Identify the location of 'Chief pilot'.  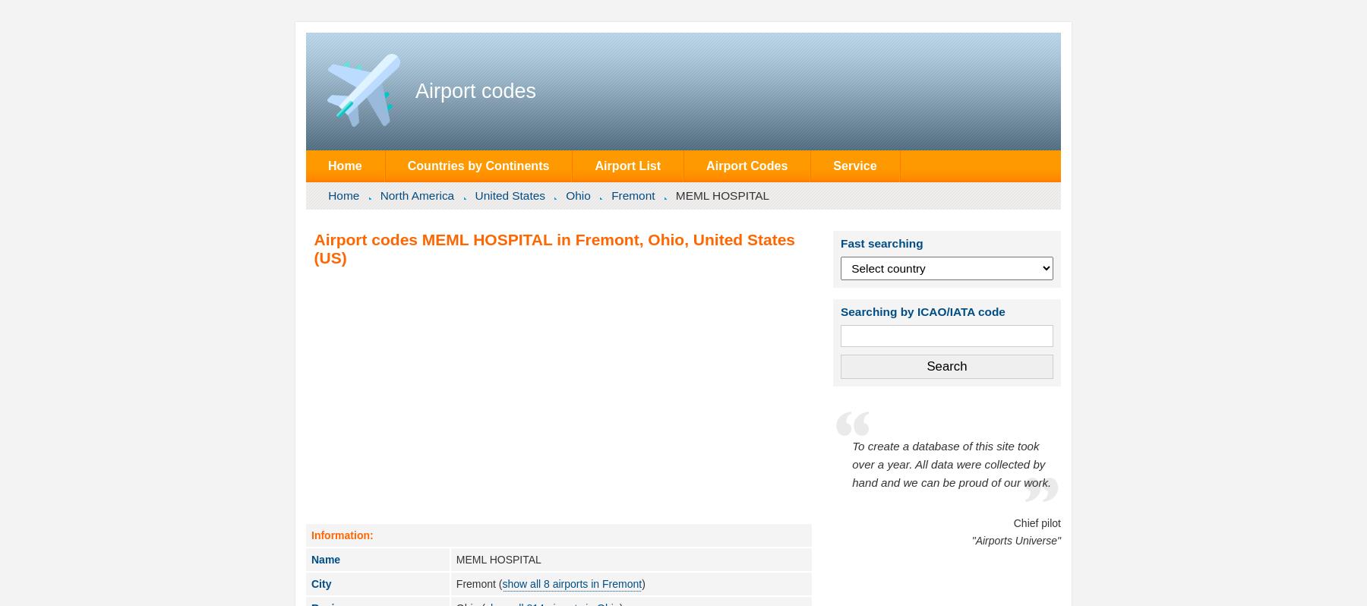
(1036, 522).